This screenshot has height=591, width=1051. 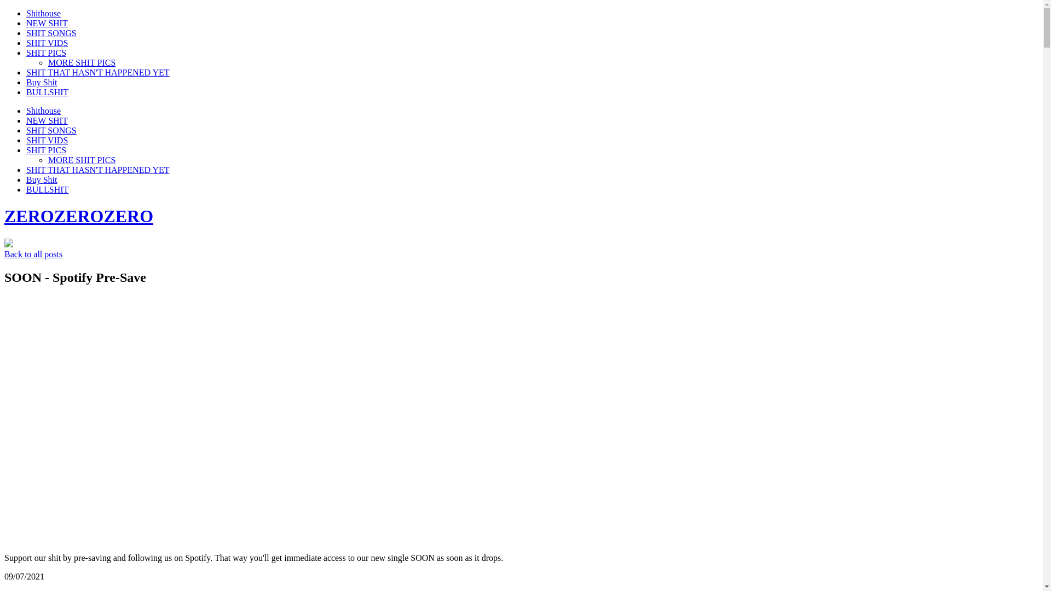 What do you see at coordinates (97, 72) in the screenshot?
I see `'SHIT THAT HASN'T HAPPENED YET'` at bounding box center [97, 72].